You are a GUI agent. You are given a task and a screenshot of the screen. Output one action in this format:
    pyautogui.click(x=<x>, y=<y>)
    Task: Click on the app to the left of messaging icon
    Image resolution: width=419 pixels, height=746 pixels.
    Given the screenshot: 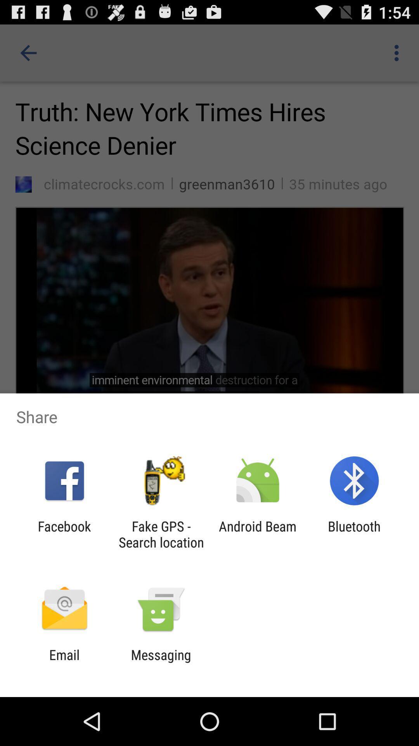 What is the action you would take?
    pyautogui.click(x=64, y=662)
    